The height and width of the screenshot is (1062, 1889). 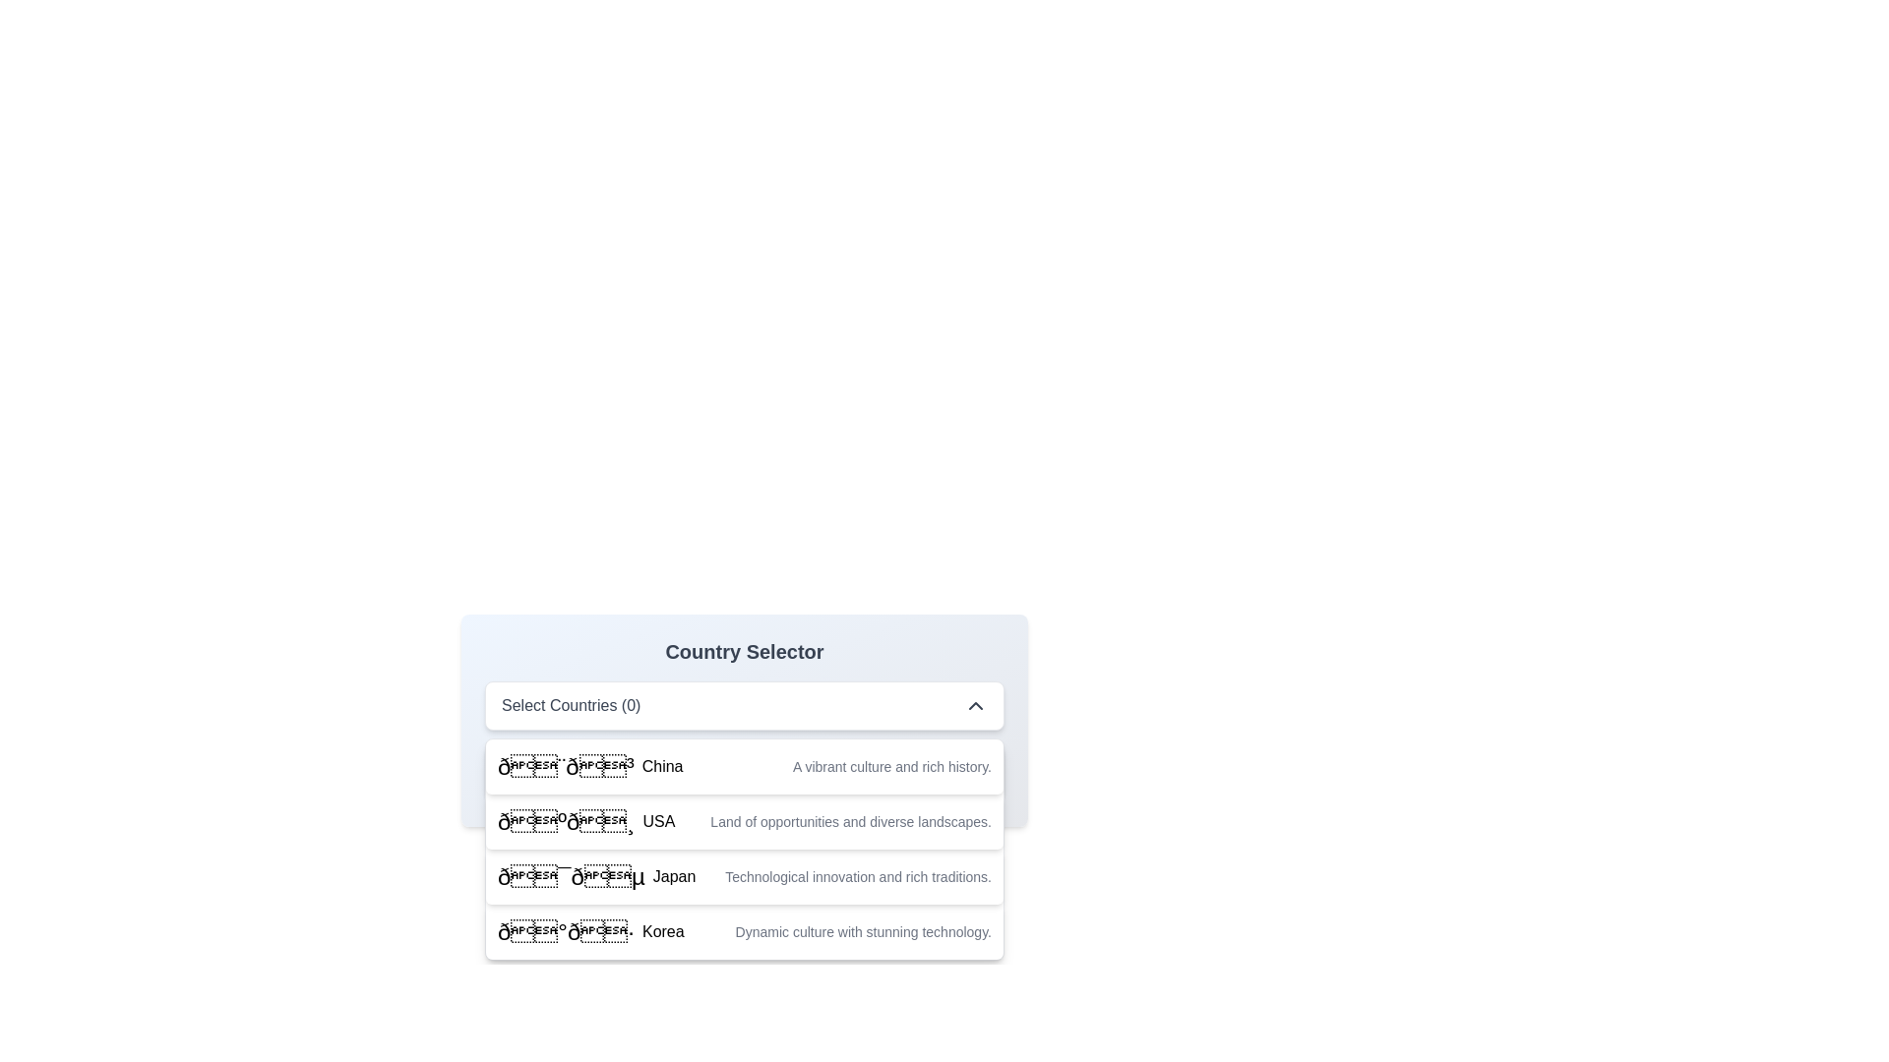 I want to click on the Dropdown menu header located centrally within the 'Country Selector' card, so click(x=744, y=720).